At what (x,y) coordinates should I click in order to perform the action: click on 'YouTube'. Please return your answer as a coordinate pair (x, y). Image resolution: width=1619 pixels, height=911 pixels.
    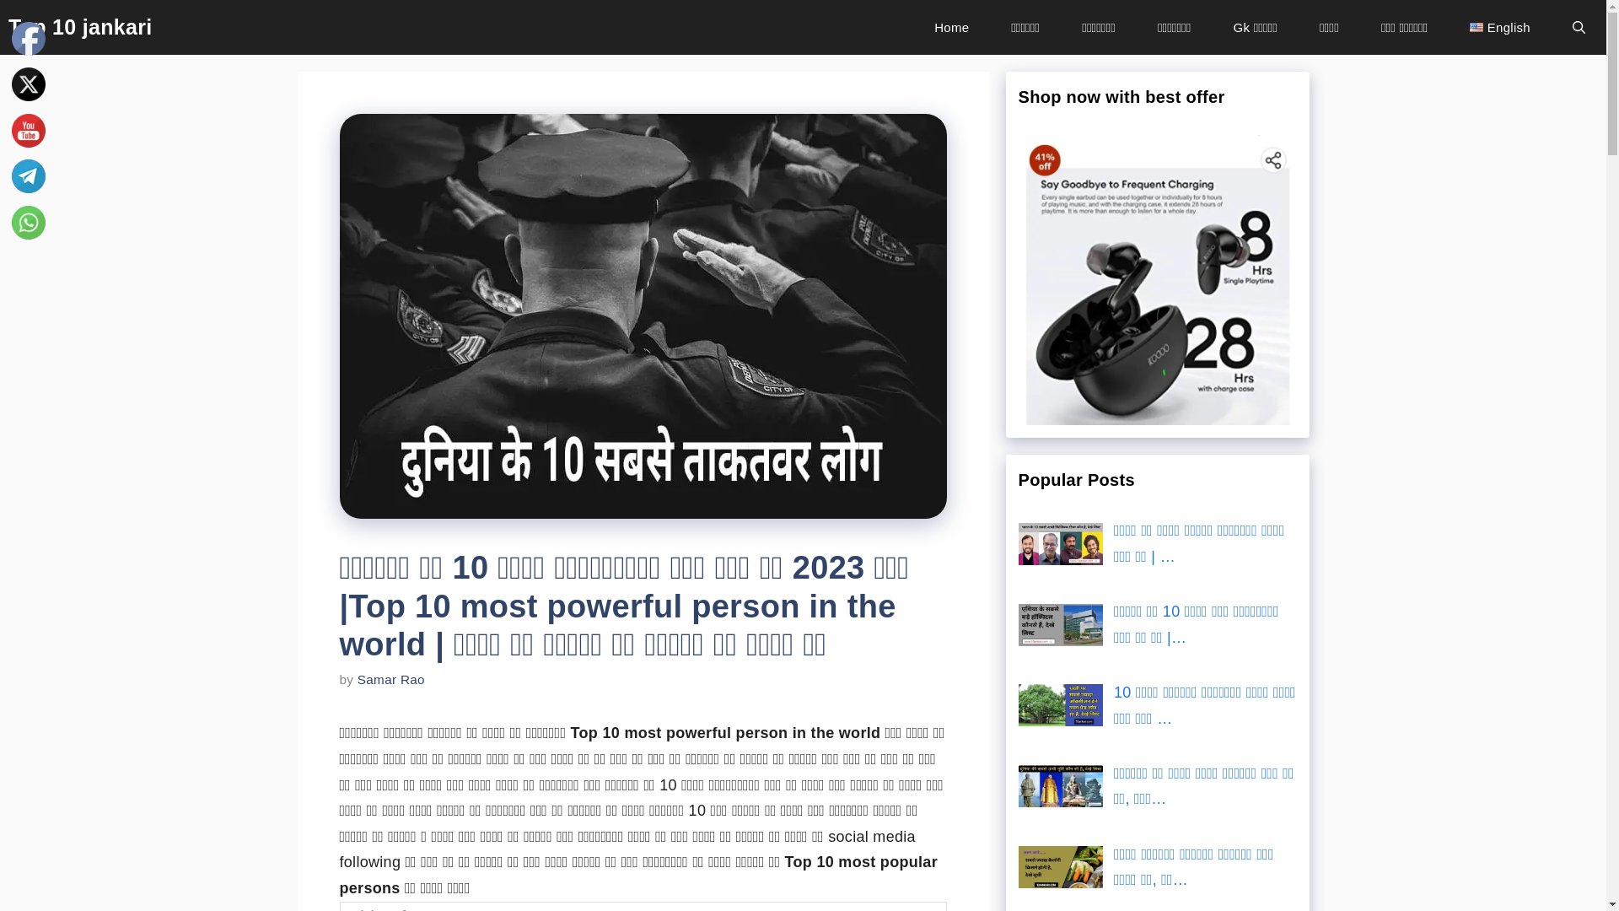
    Looking at the image, I should click on (28, 129).